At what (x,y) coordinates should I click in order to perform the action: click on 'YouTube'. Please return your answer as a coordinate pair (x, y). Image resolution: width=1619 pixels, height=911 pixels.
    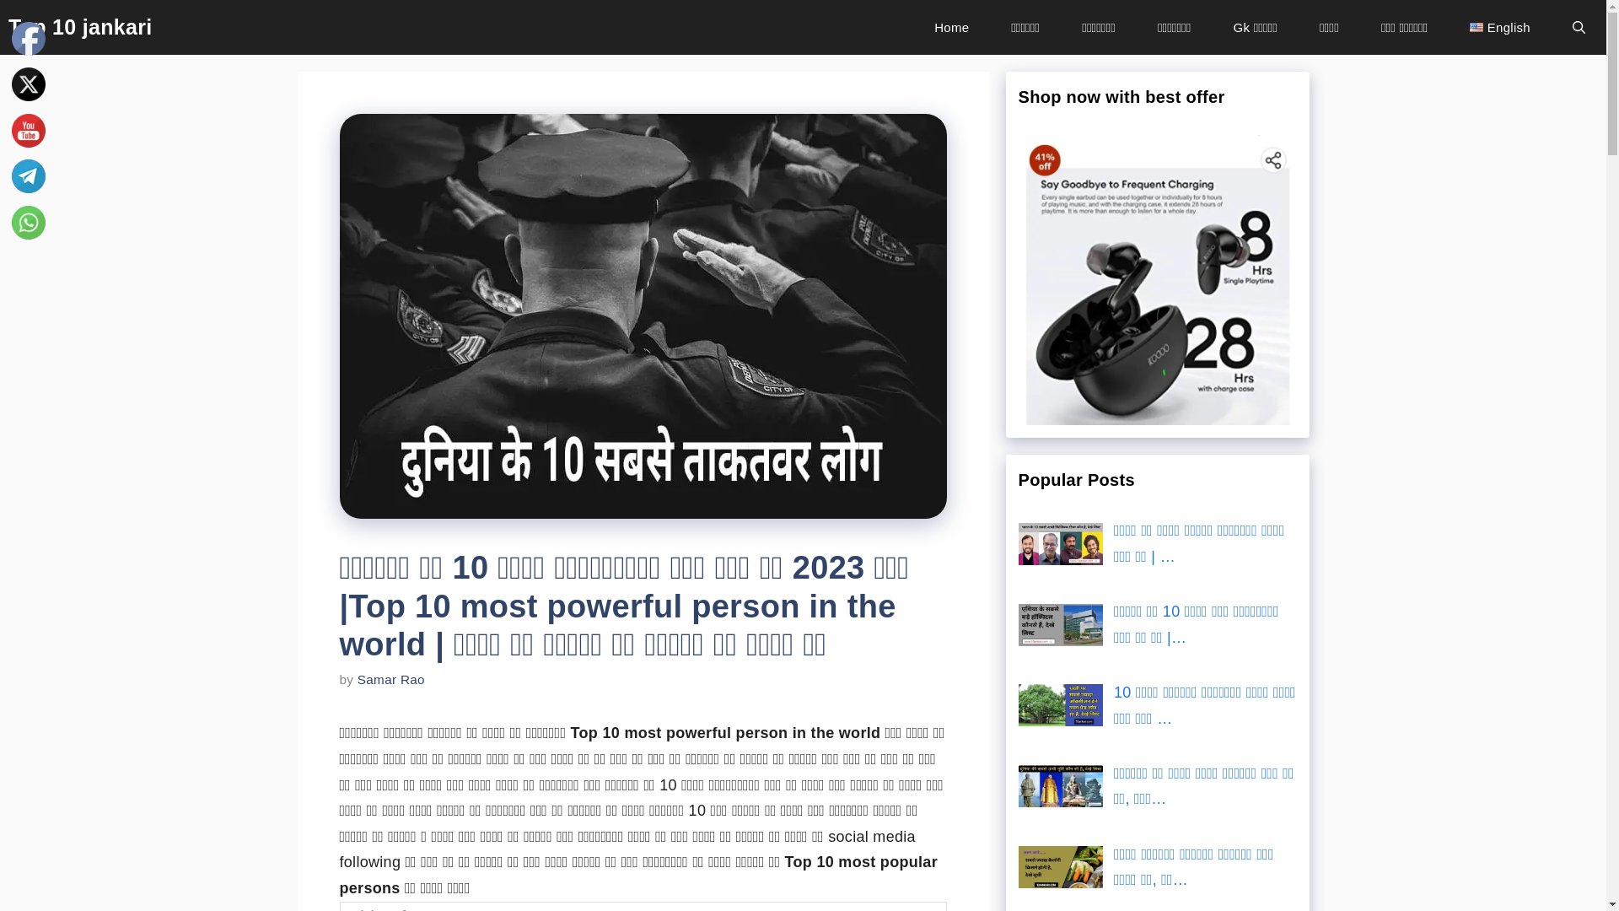
    Looking at the image, I should click on (28, 129).